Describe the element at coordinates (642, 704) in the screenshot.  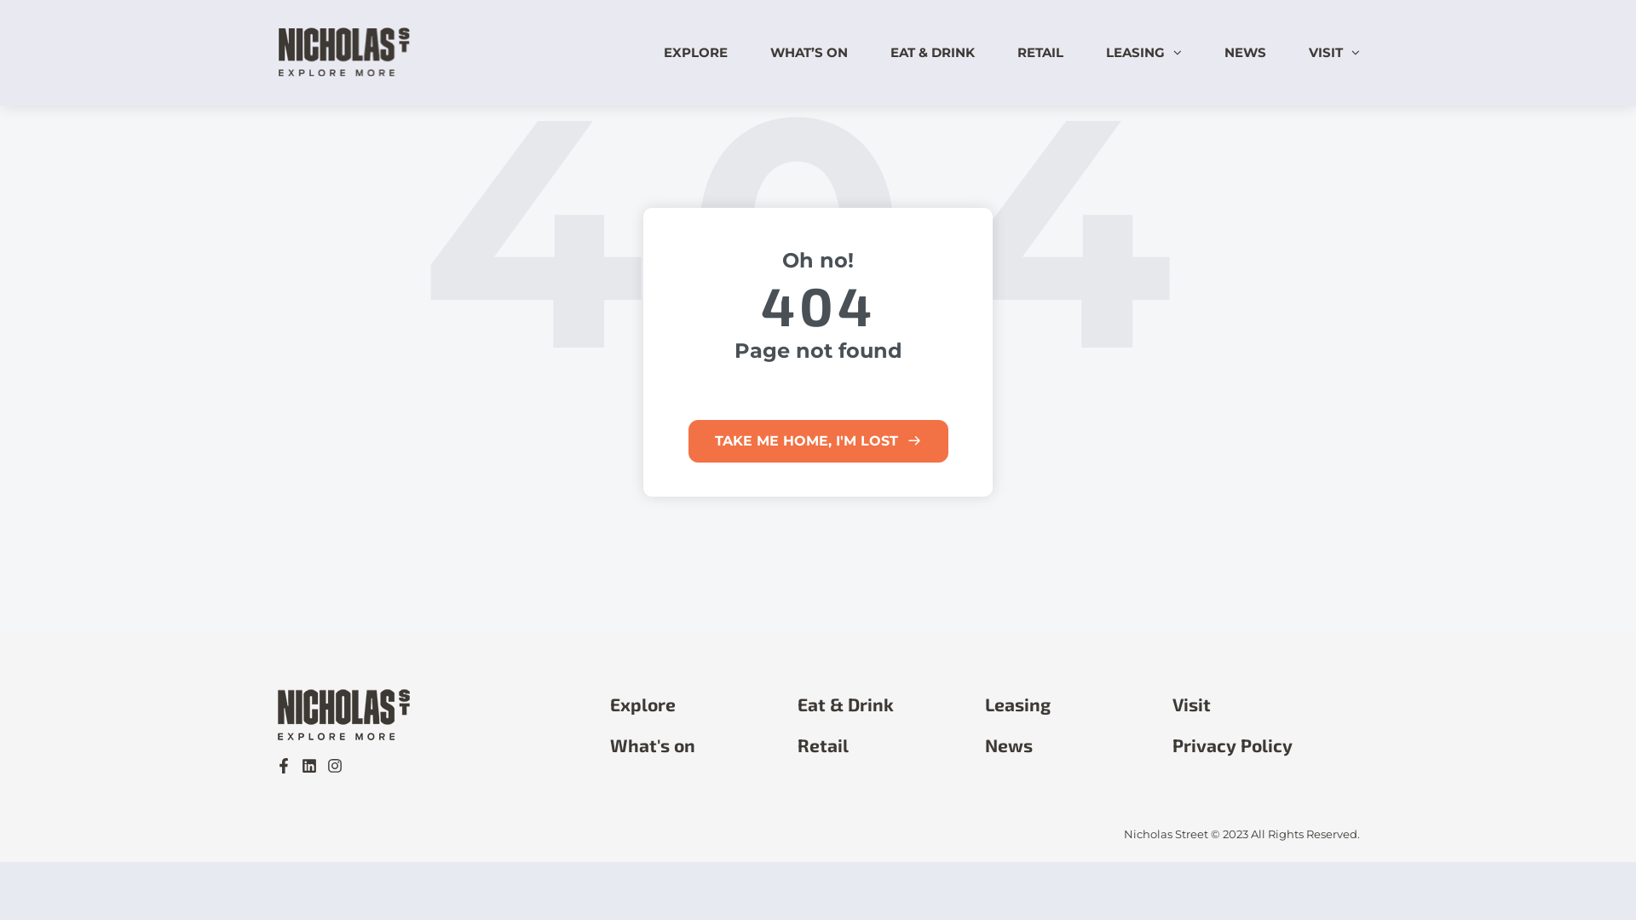
I see `'Explore'` at that location.